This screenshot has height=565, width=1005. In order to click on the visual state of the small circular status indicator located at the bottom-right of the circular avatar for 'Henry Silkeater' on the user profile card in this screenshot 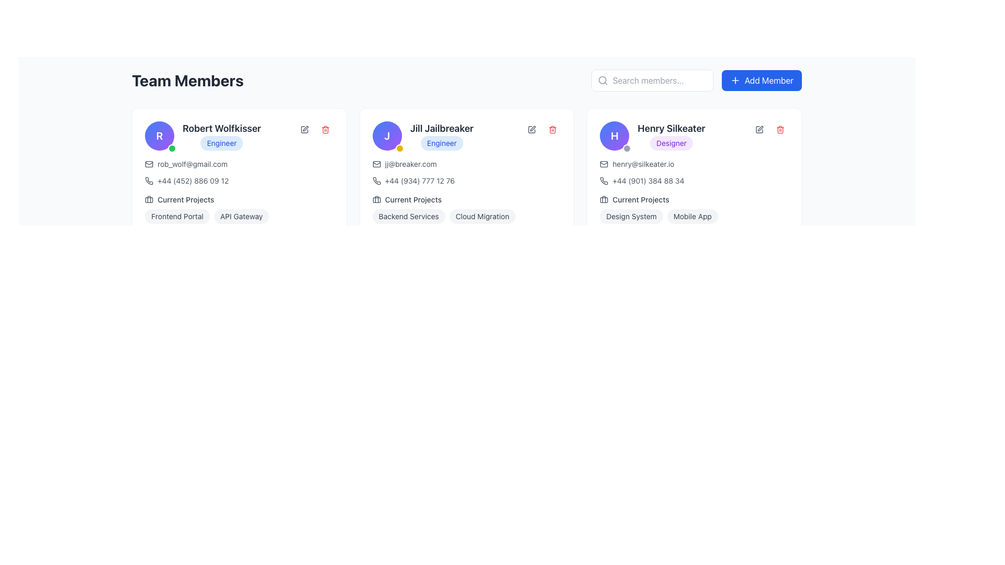, I will do `click(627, 149)`.